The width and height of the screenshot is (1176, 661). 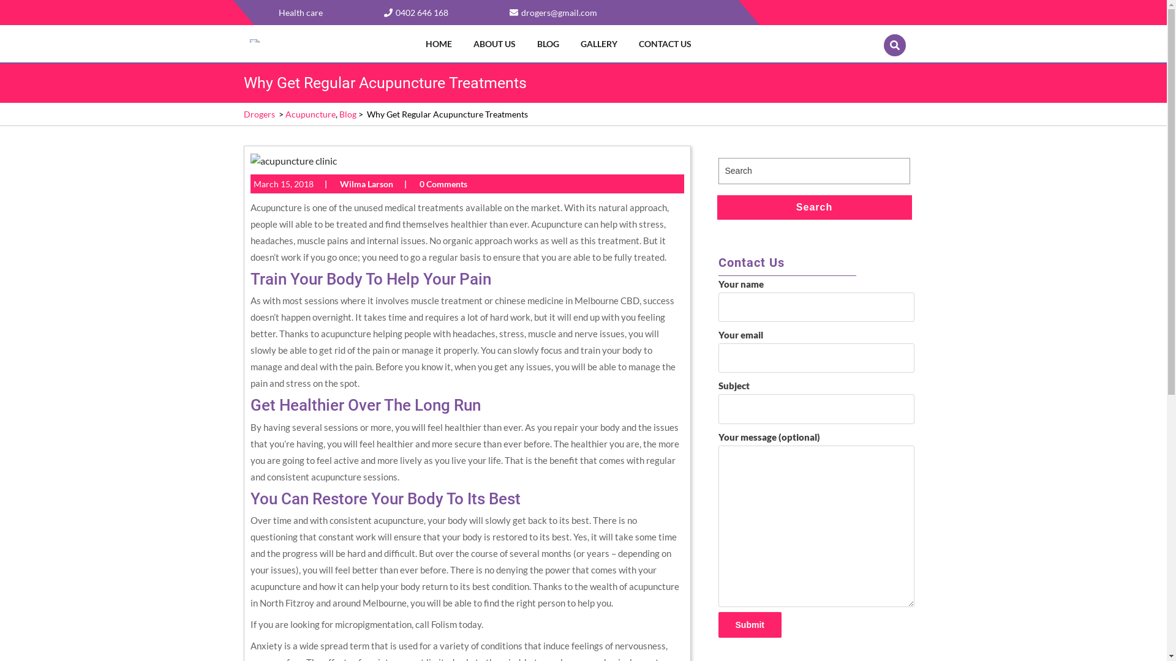 What do you see at coordinates (748, 625) in the screenshot?
I see `'Submit'` at bounding box center [748, 625].